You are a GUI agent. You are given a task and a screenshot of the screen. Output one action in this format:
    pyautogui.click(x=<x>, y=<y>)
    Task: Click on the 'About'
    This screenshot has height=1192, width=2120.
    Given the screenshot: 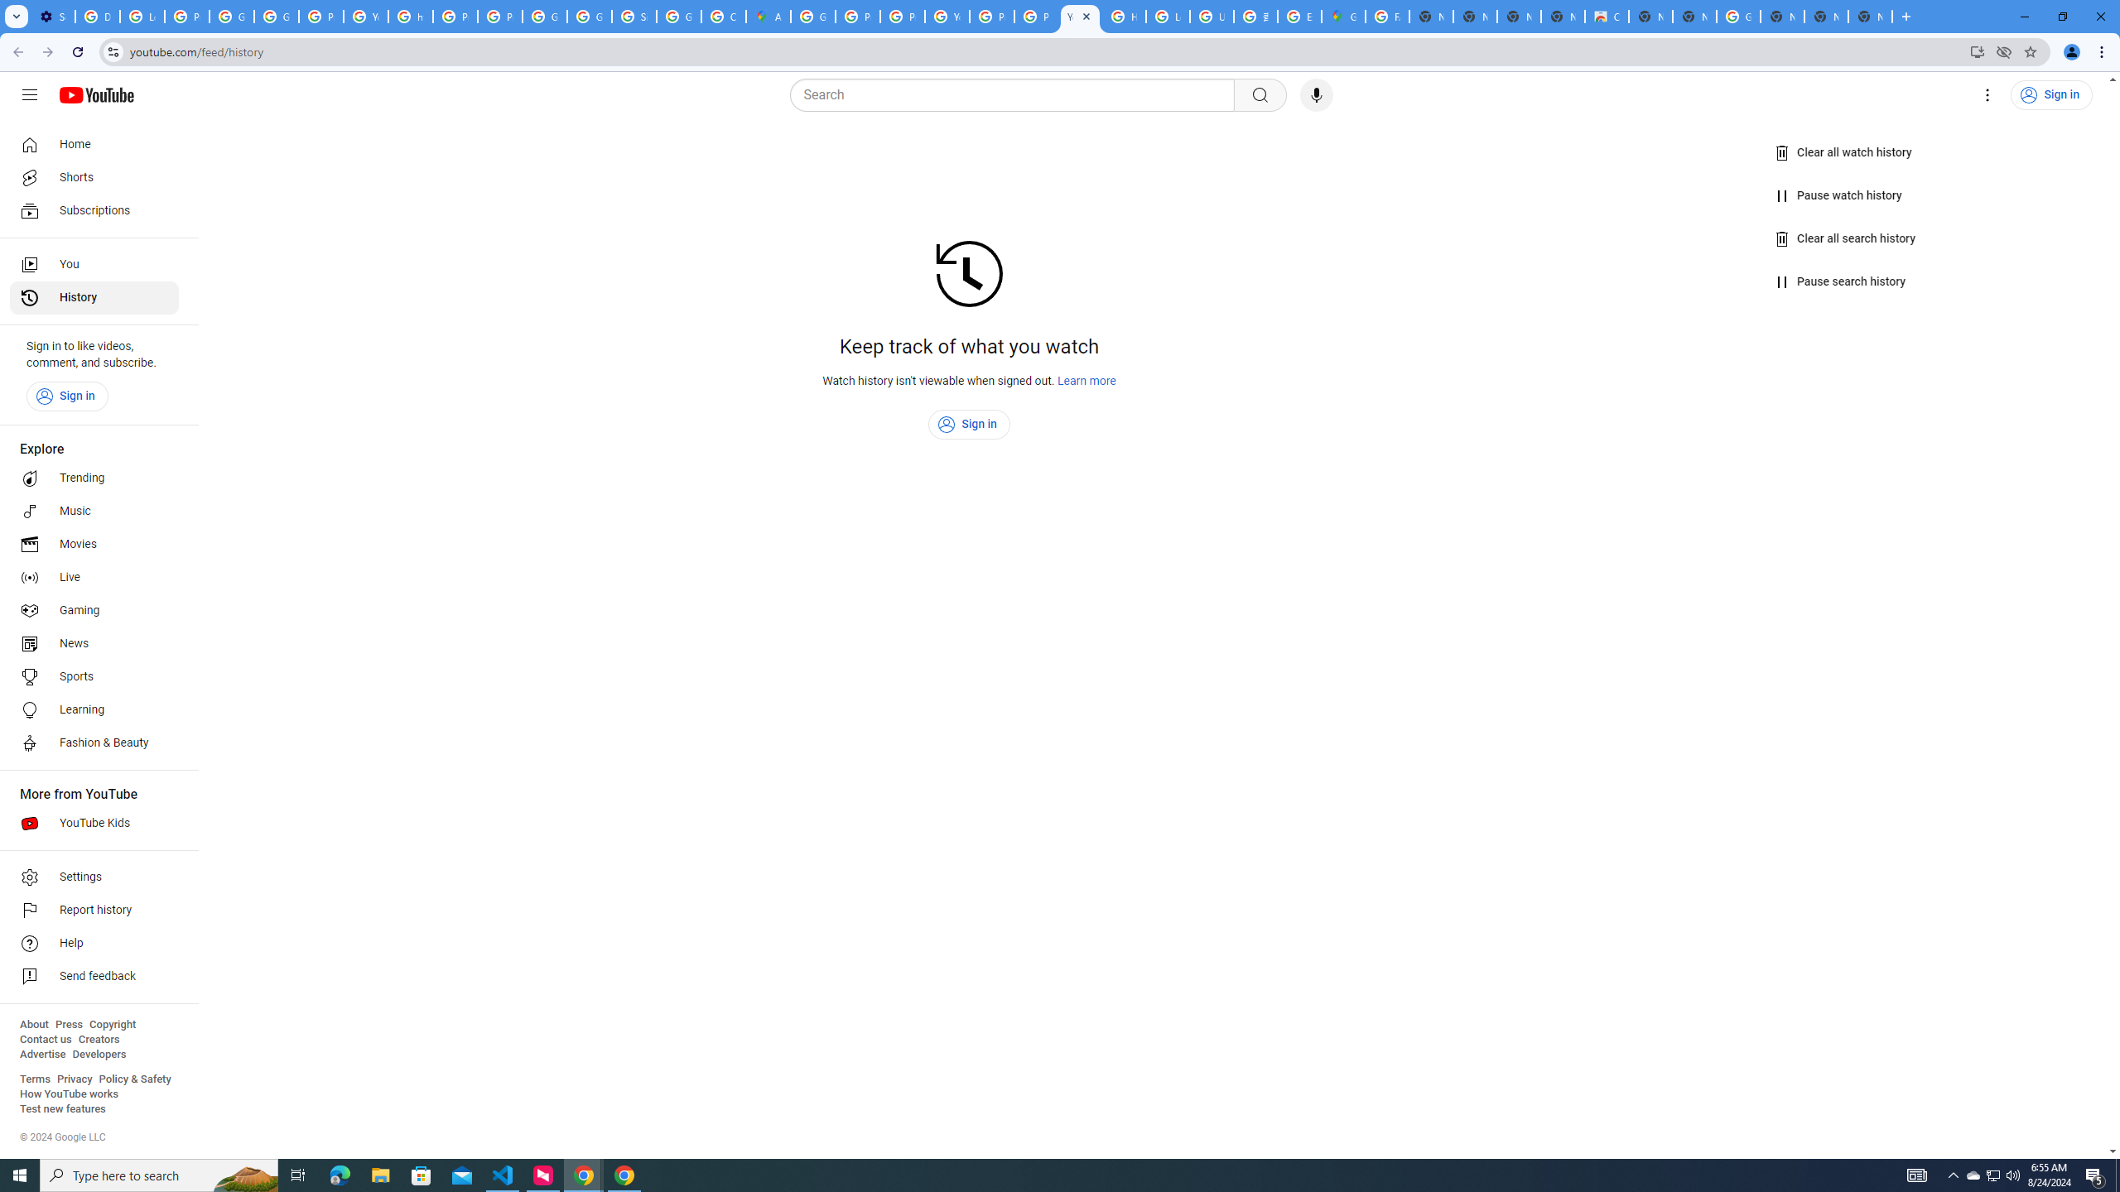 What is the action you would take?
    pyautogui.click(x=33, y=1024)
    